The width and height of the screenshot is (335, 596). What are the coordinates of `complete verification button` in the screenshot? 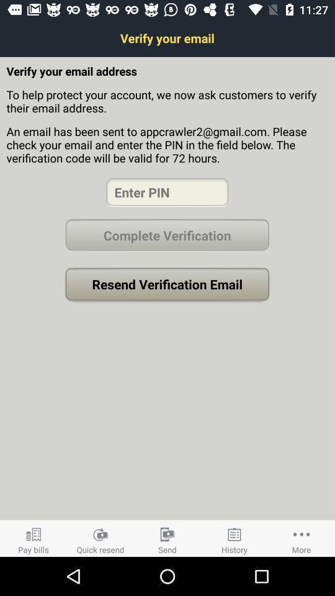 It's located at (167, 235).